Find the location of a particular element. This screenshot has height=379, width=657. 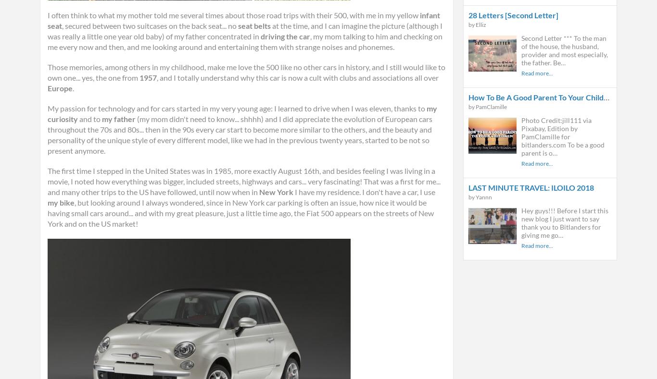

'How To Be A Good Parent To Your Children' is located at coordinates (541, 97).